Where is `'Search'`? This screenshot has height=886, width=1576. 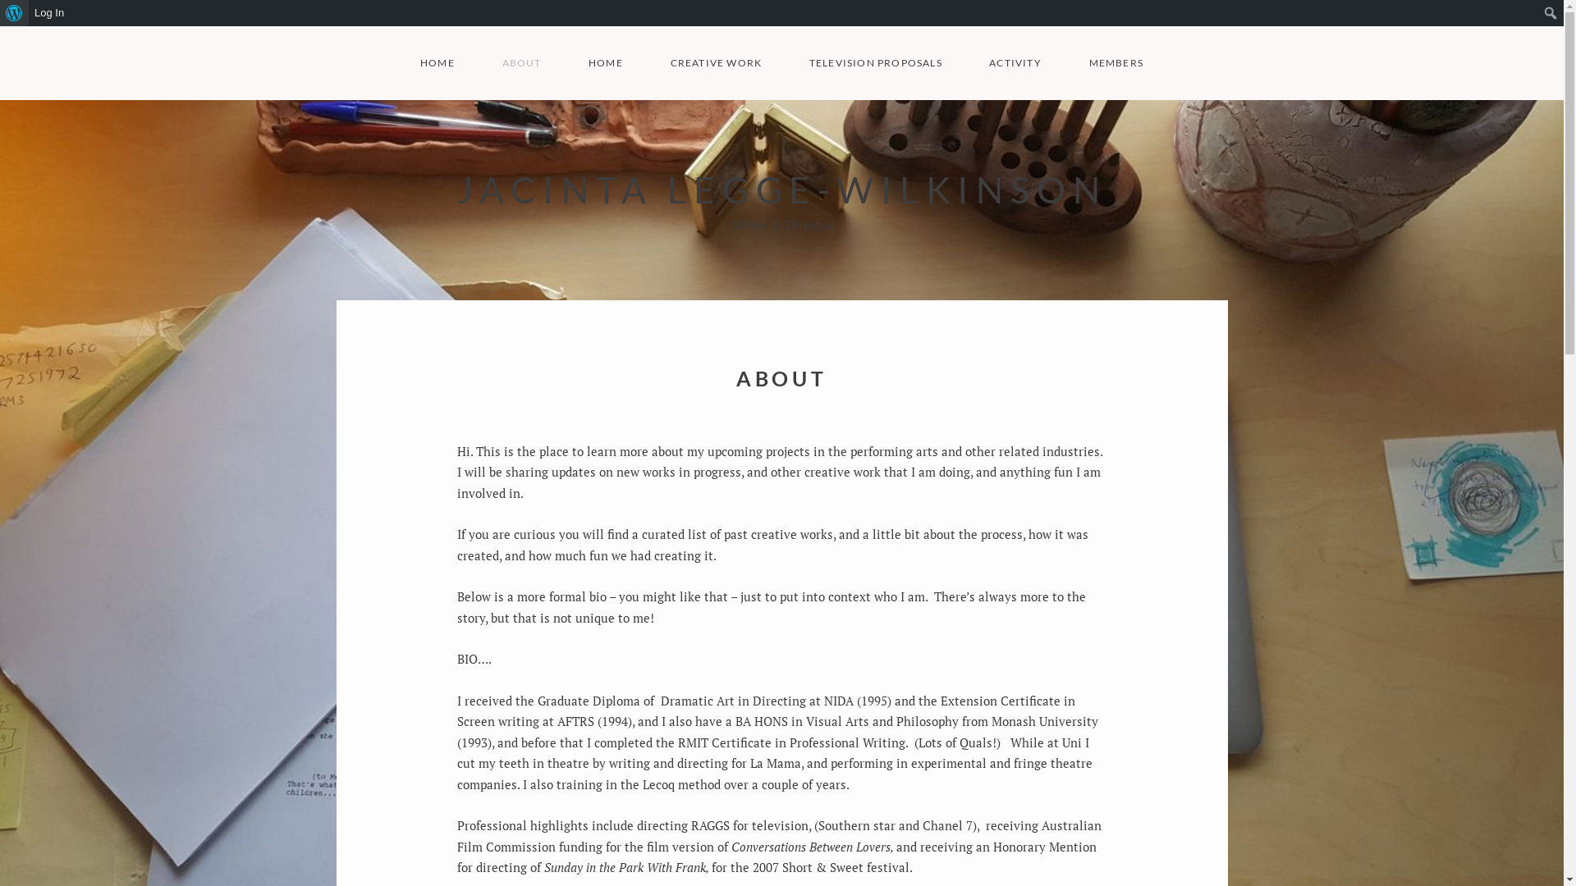 'Search' is located at coordinates (0, 12).